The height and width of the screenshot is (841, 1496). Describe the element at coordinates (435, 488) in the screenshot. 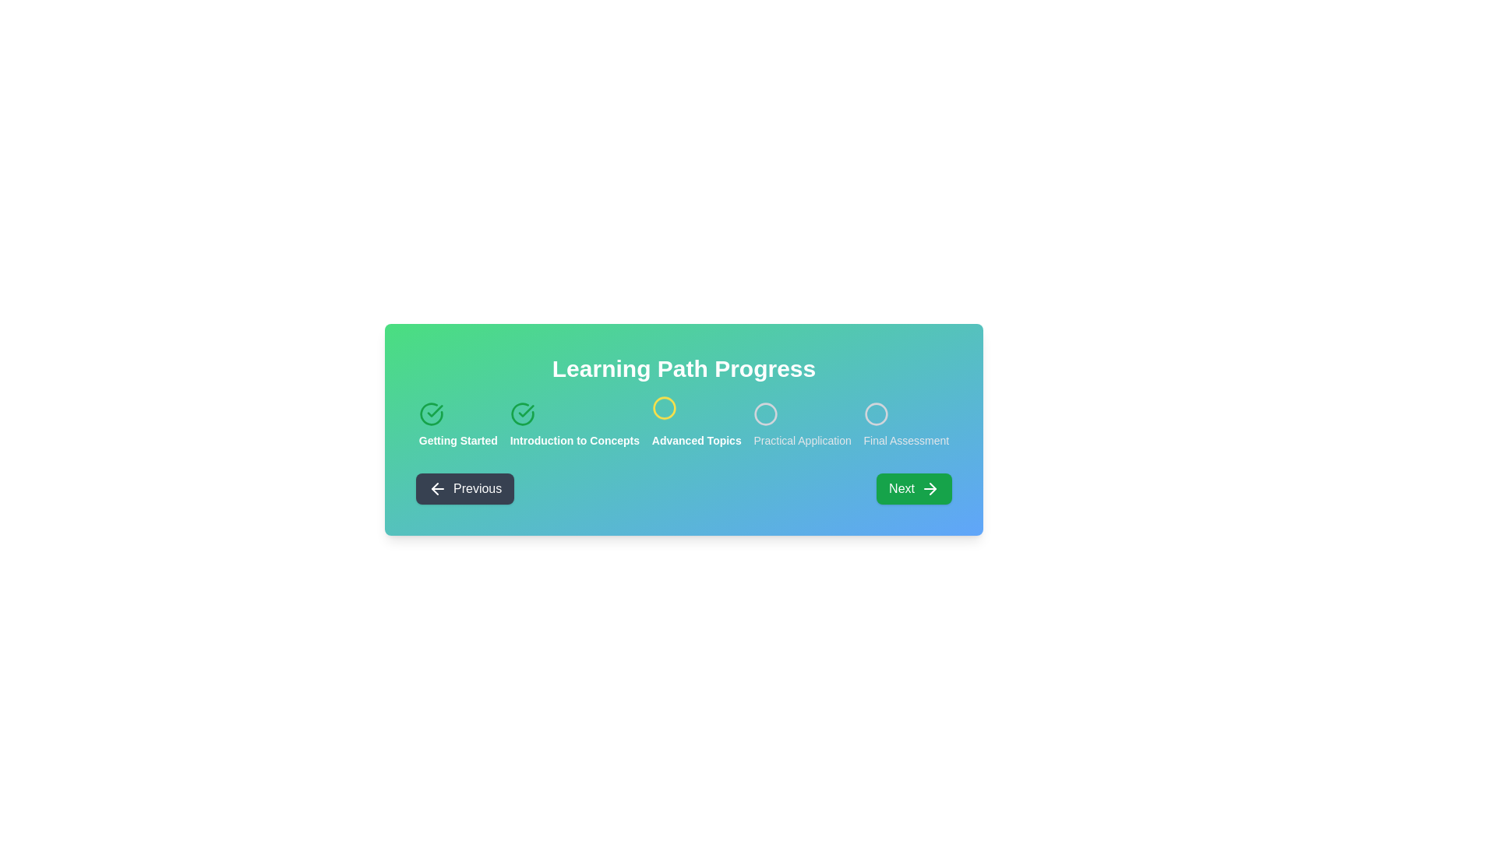

I see `the backward navigation arrow icon located at the bottom-left of the interface` at that location.